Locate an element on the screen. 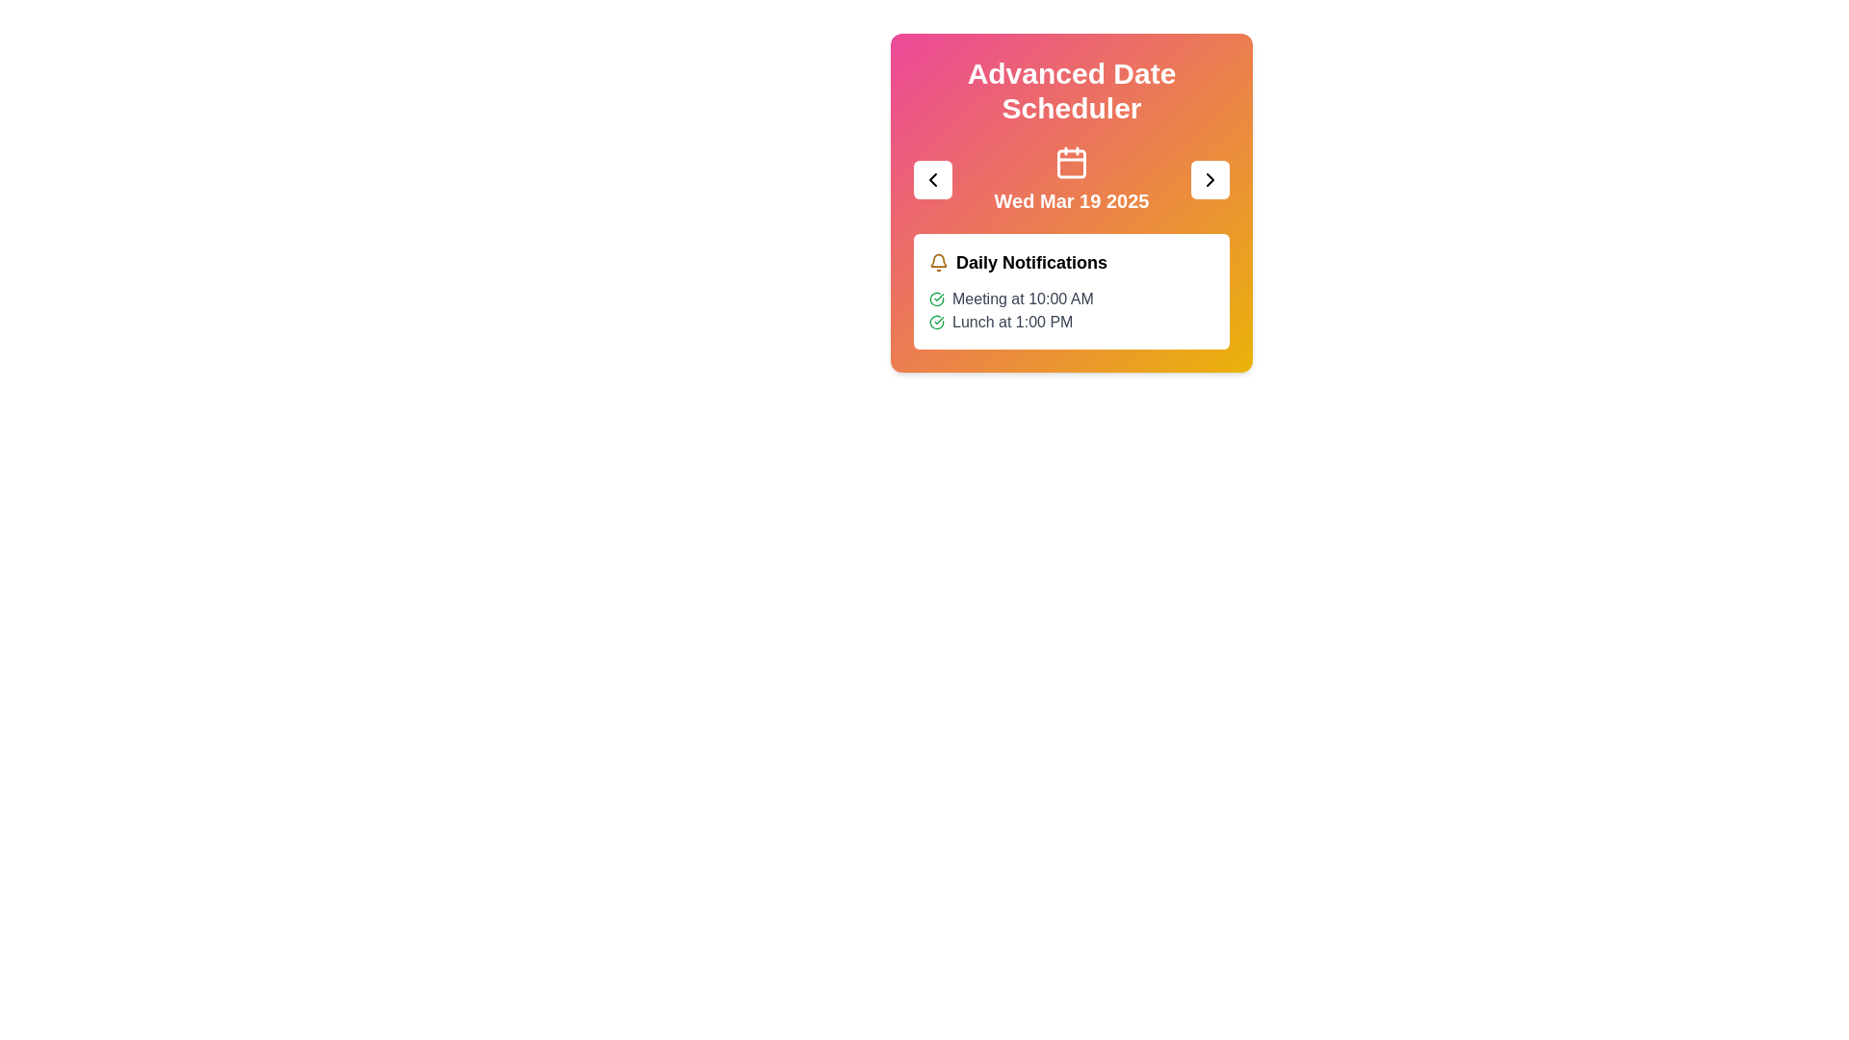 This screenshot has width=1849, height=1040. the icon that visually indicates the successful scheduling of the event 'Lunch at 1:00 PM', located in the top-left corner of the bounding box containing the text is located at coordinates (937, 322).